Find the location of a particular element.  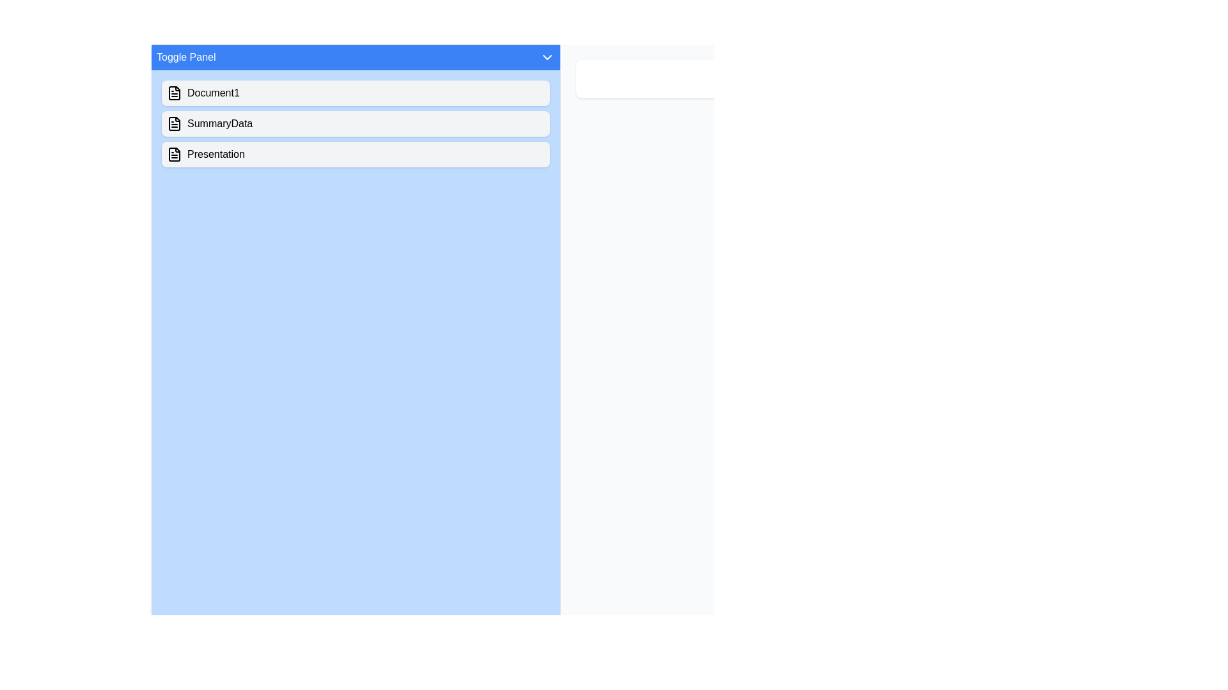

the file icon, which is a minimalist black icon on a white background, positioned to the left of the text 'Document1' in the vertically aligned list under the 'Toggle Panel' header is located at coordinates (174, 93).